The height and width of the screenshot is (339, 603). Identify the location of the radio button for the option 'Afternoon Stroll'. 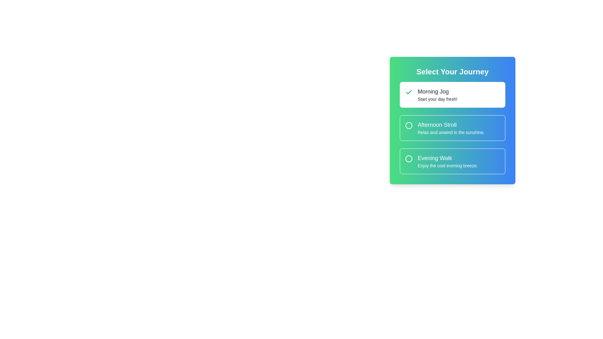
(409, 126).